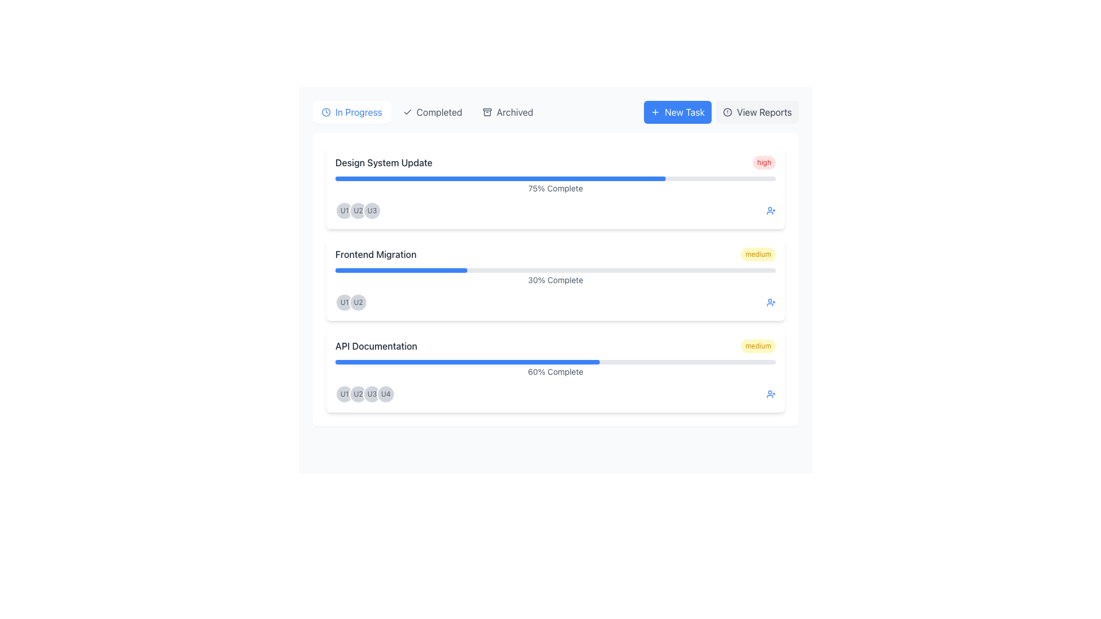 The image size is (1101, 619). What do you see at coordinates (727, 112) in the screenshot?
I see `the SVG circle element, which is a circular graphic with a central small circle inside a larger circular outline, located in the top center section of the interface near the task progress bar labeled '75% Complete'` at bounding box center [727, 112].